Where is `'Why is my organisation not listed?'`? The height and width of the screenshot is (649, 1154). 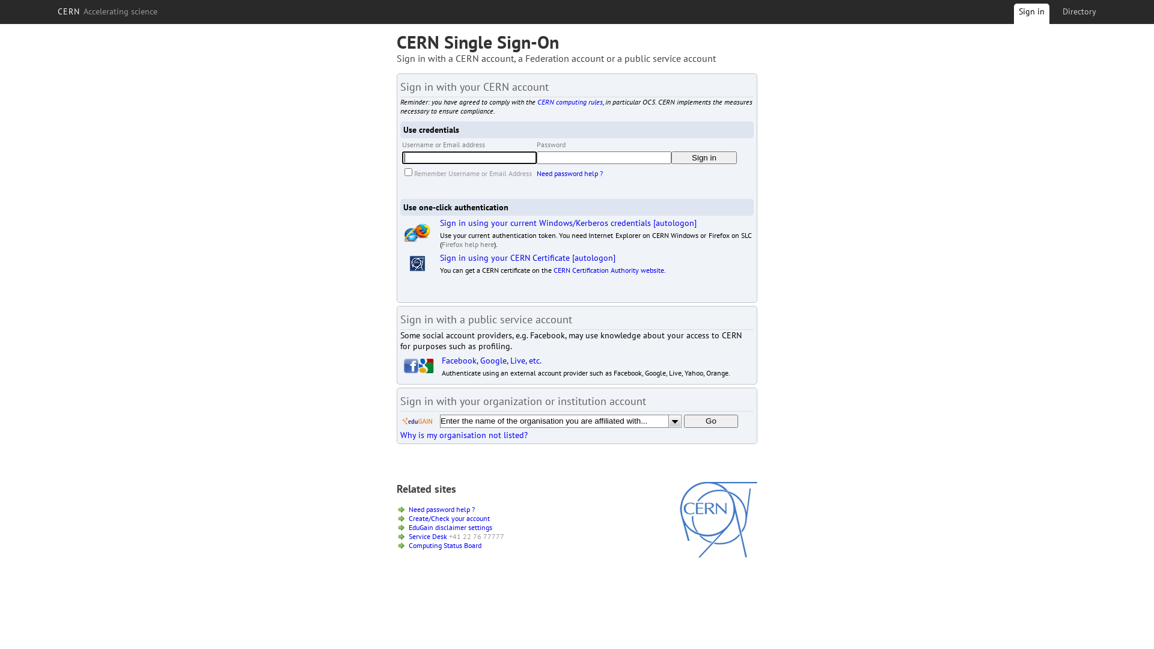 'Why is my organisation not listed?' is located at coordinates (463, 435).